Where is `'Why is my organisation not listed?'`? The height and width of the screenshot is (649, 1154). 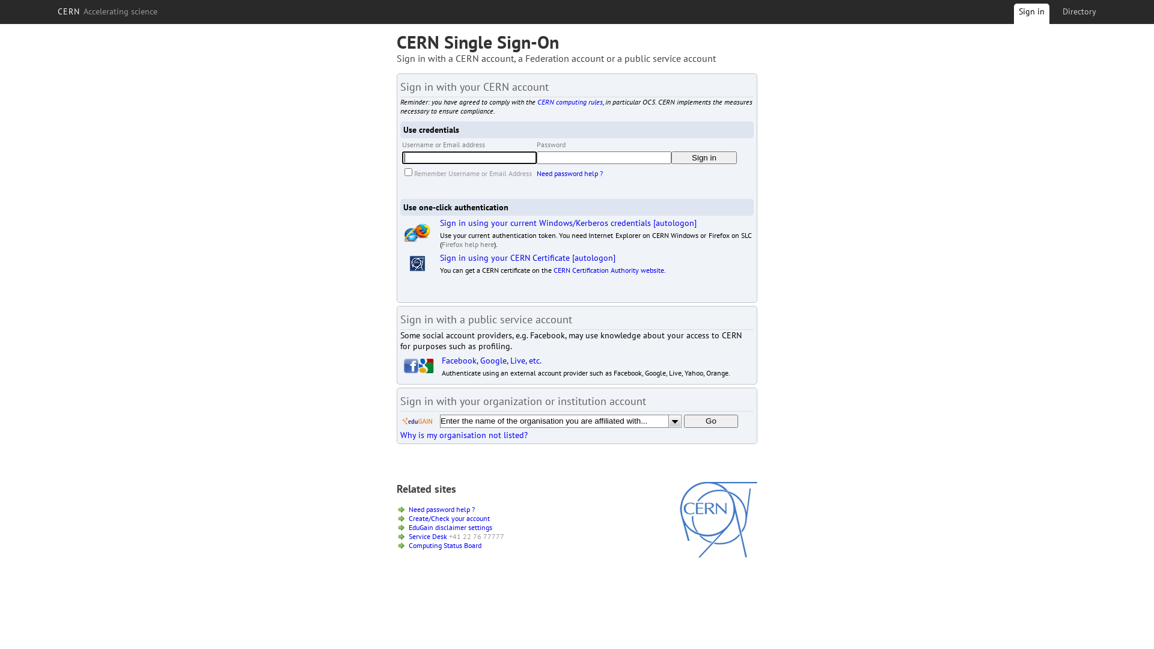 'Why is my organisation not listed?' is located at coordinates (463, 435).